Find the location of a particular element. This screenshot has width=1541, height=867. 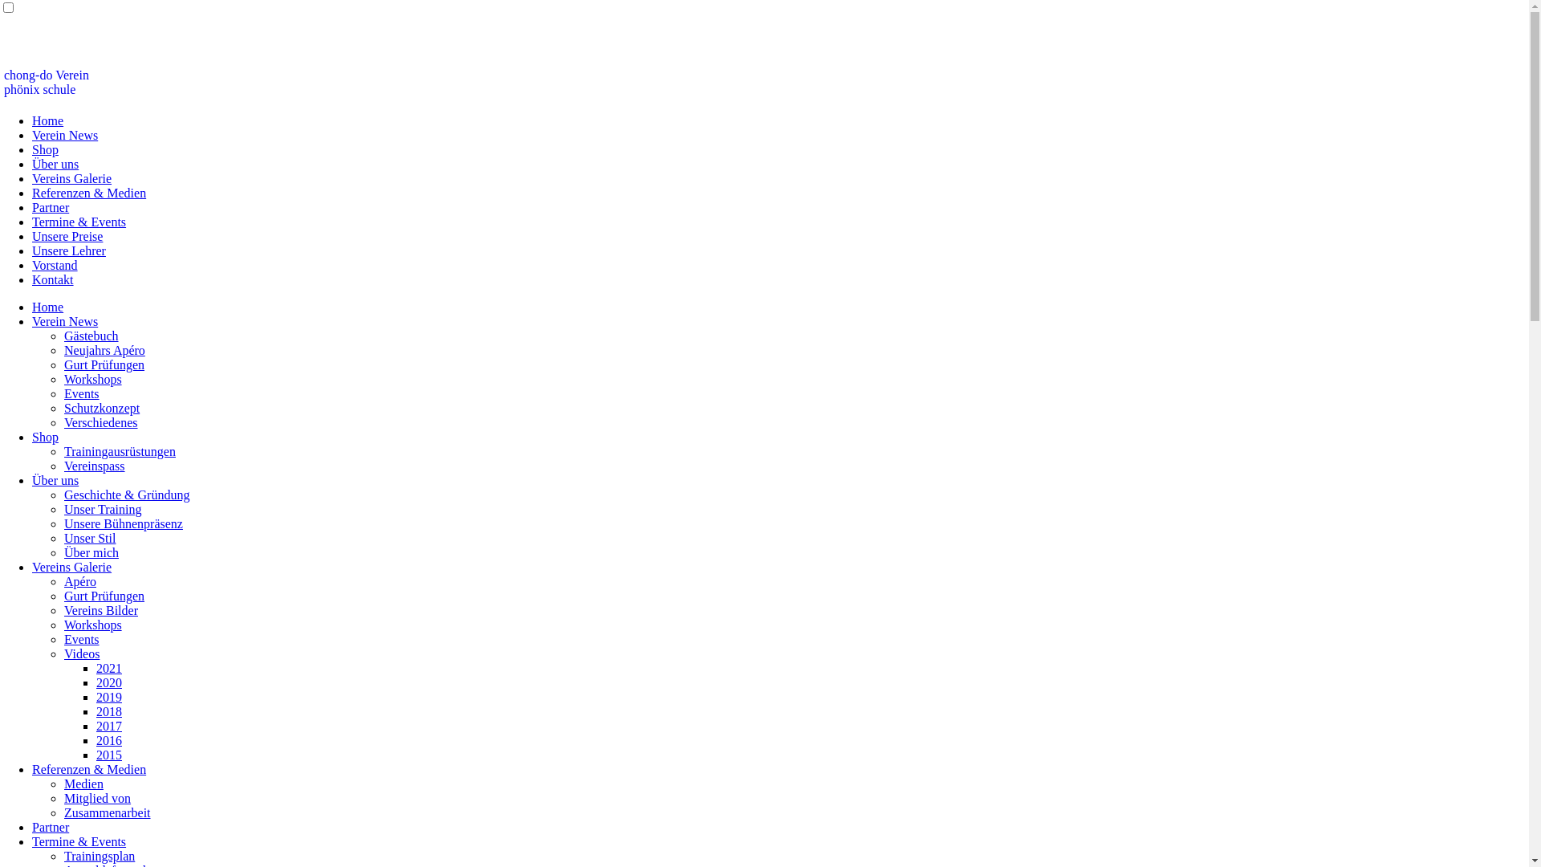

'Verschiedenes' is located at coordinates (100, 421).